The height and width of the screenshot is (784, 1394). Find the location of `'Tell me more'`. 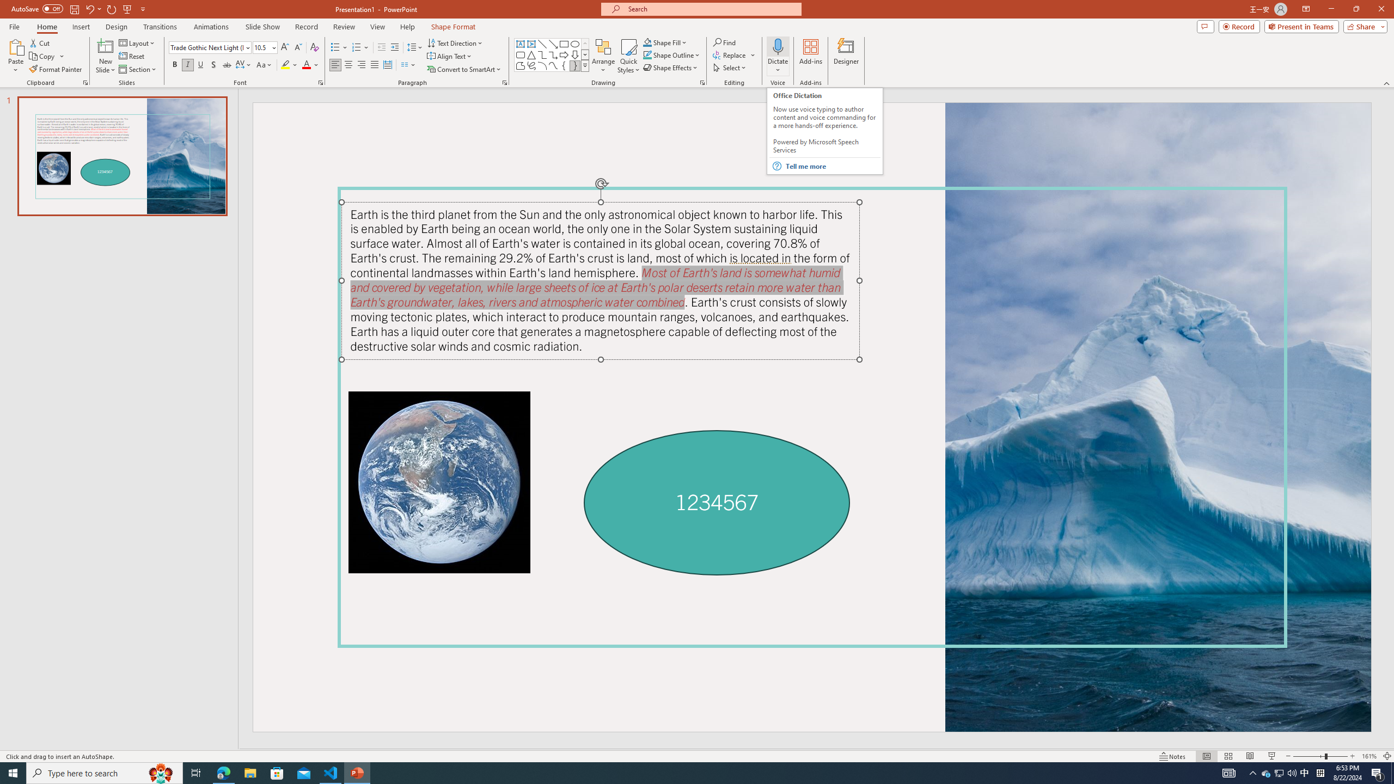

'Tell me more' is located at coordinates (832, 166).